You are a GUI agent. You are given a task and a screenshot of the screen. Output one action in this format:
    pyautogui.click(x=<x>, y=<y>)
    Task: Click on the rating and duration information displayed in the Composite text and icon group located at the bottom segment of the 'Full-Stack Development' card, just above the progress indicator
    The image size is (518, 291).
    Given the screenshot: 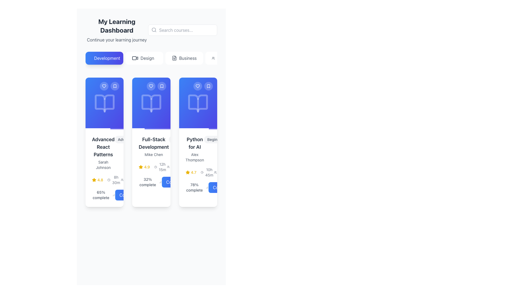 What is the action you would take?
    pyautogui.click(x=152, y=167)
    